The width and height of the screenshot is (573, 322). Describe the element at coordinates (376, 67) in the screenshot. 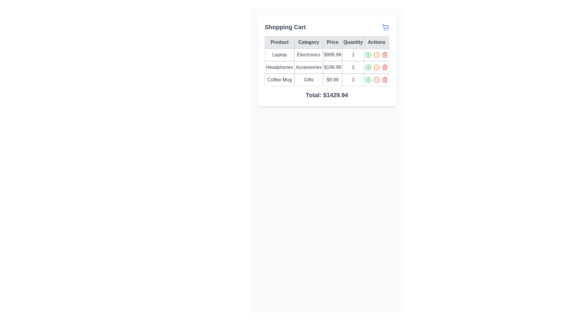

I see `the orange circular button with a white minus symbol located in the 'Actions' column of the 'Headphones' row in the 'Shopping Cart' table` at that location.